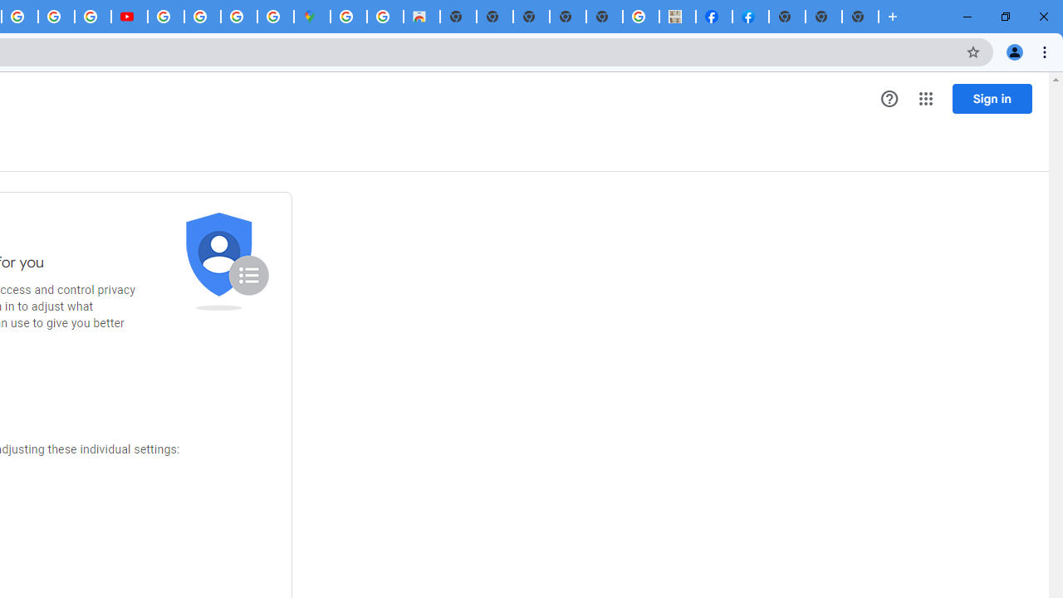  What do you see at coordinates (749, 17) in the screenshot?
I see `'Sign Up for Facebook'` at bounding box center [749, 17].